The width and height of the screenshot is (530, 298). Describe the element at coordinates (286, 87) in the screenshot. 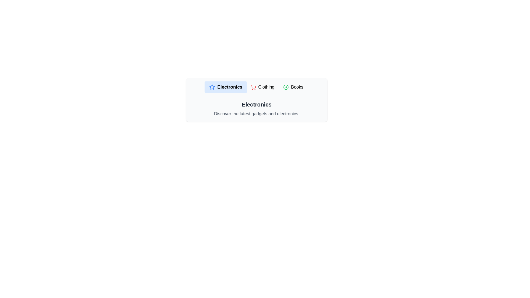

I see `the icon for the Books category to observe its visual representation` at that location.